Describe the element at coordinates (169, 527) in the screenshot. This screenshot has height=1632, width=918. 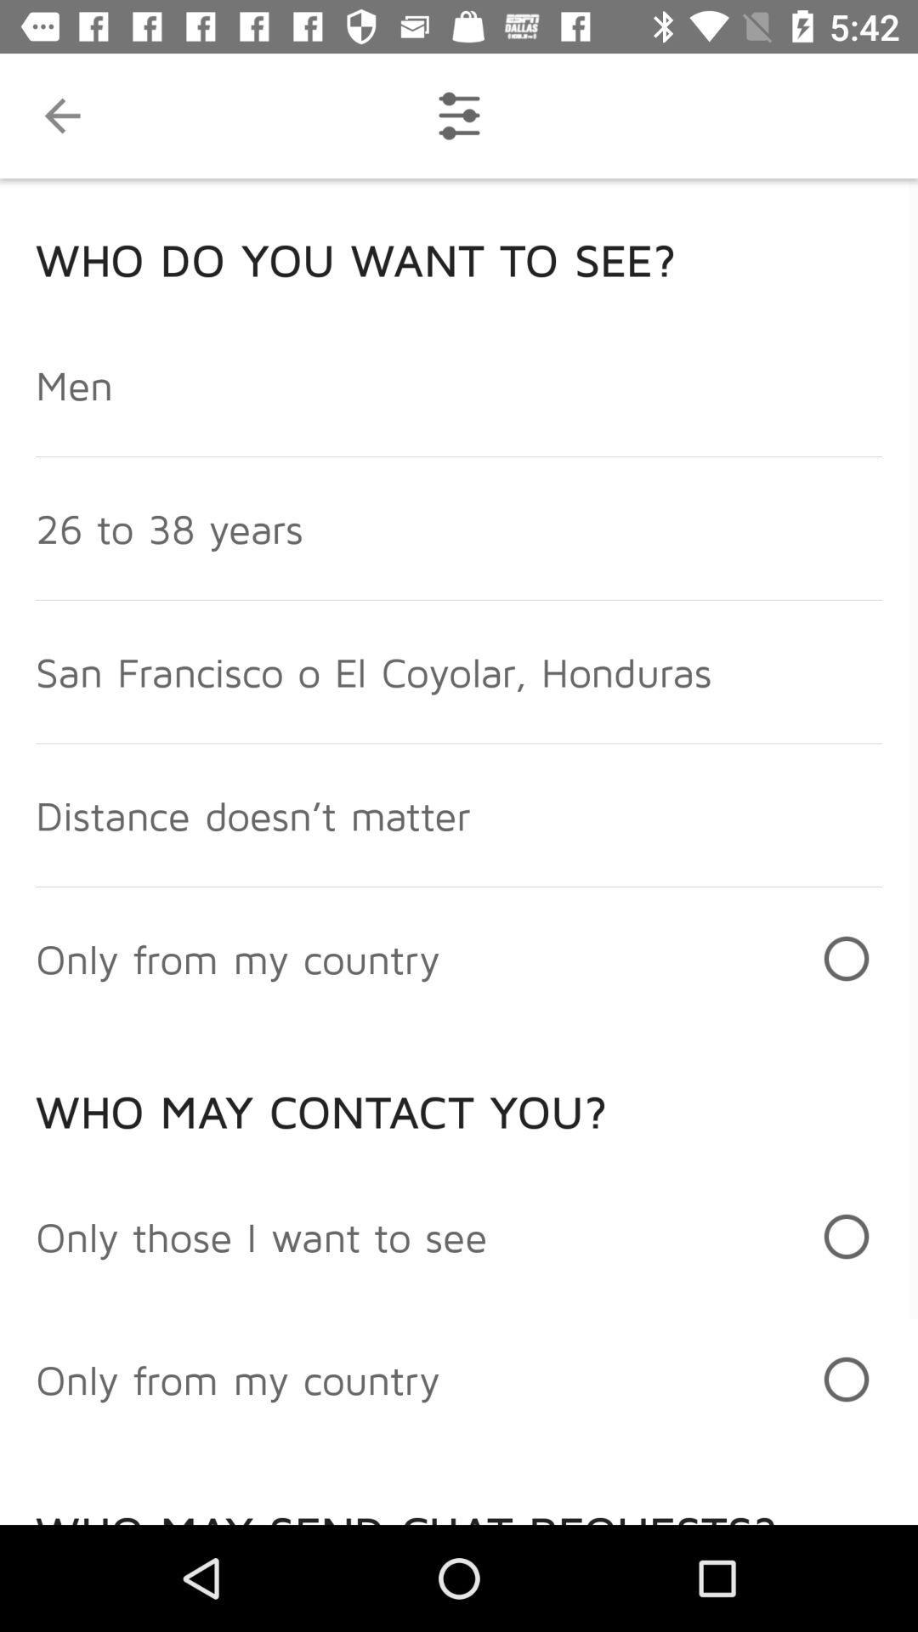
I see `the 26 to 38 icon` at that location.